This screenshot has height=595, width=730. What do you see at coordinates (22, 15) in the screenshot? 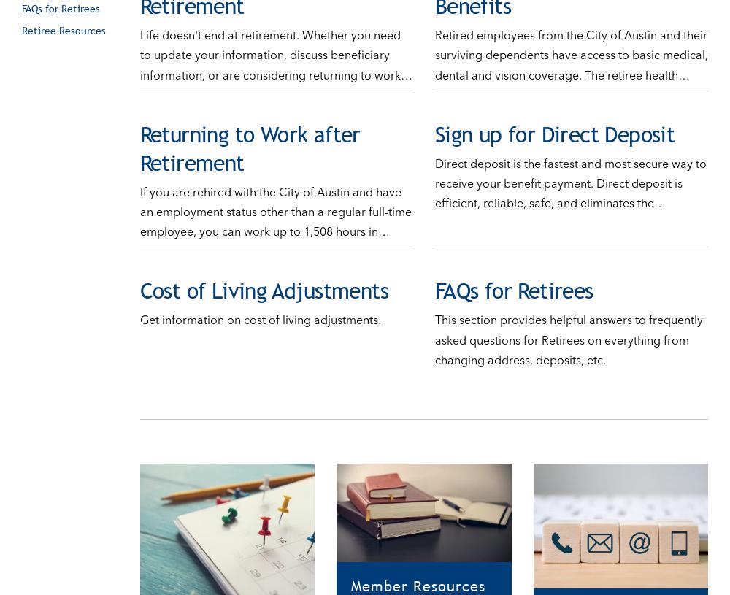
I see `'Retiree Resources'` at bounding box center [22, 15].